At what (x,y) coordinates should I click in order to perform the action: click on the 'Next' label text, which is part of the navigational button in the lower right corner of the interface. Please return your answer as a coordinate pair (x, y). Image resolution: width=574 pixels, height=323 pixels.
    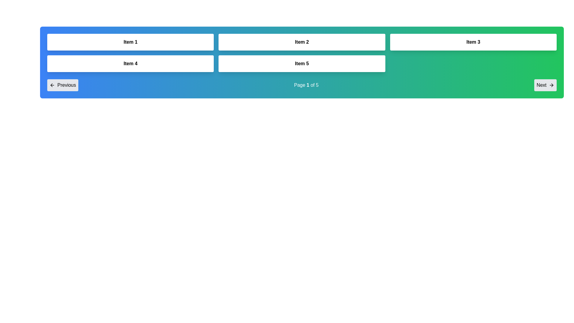
    Looking at the image, I should click on (541, 85).